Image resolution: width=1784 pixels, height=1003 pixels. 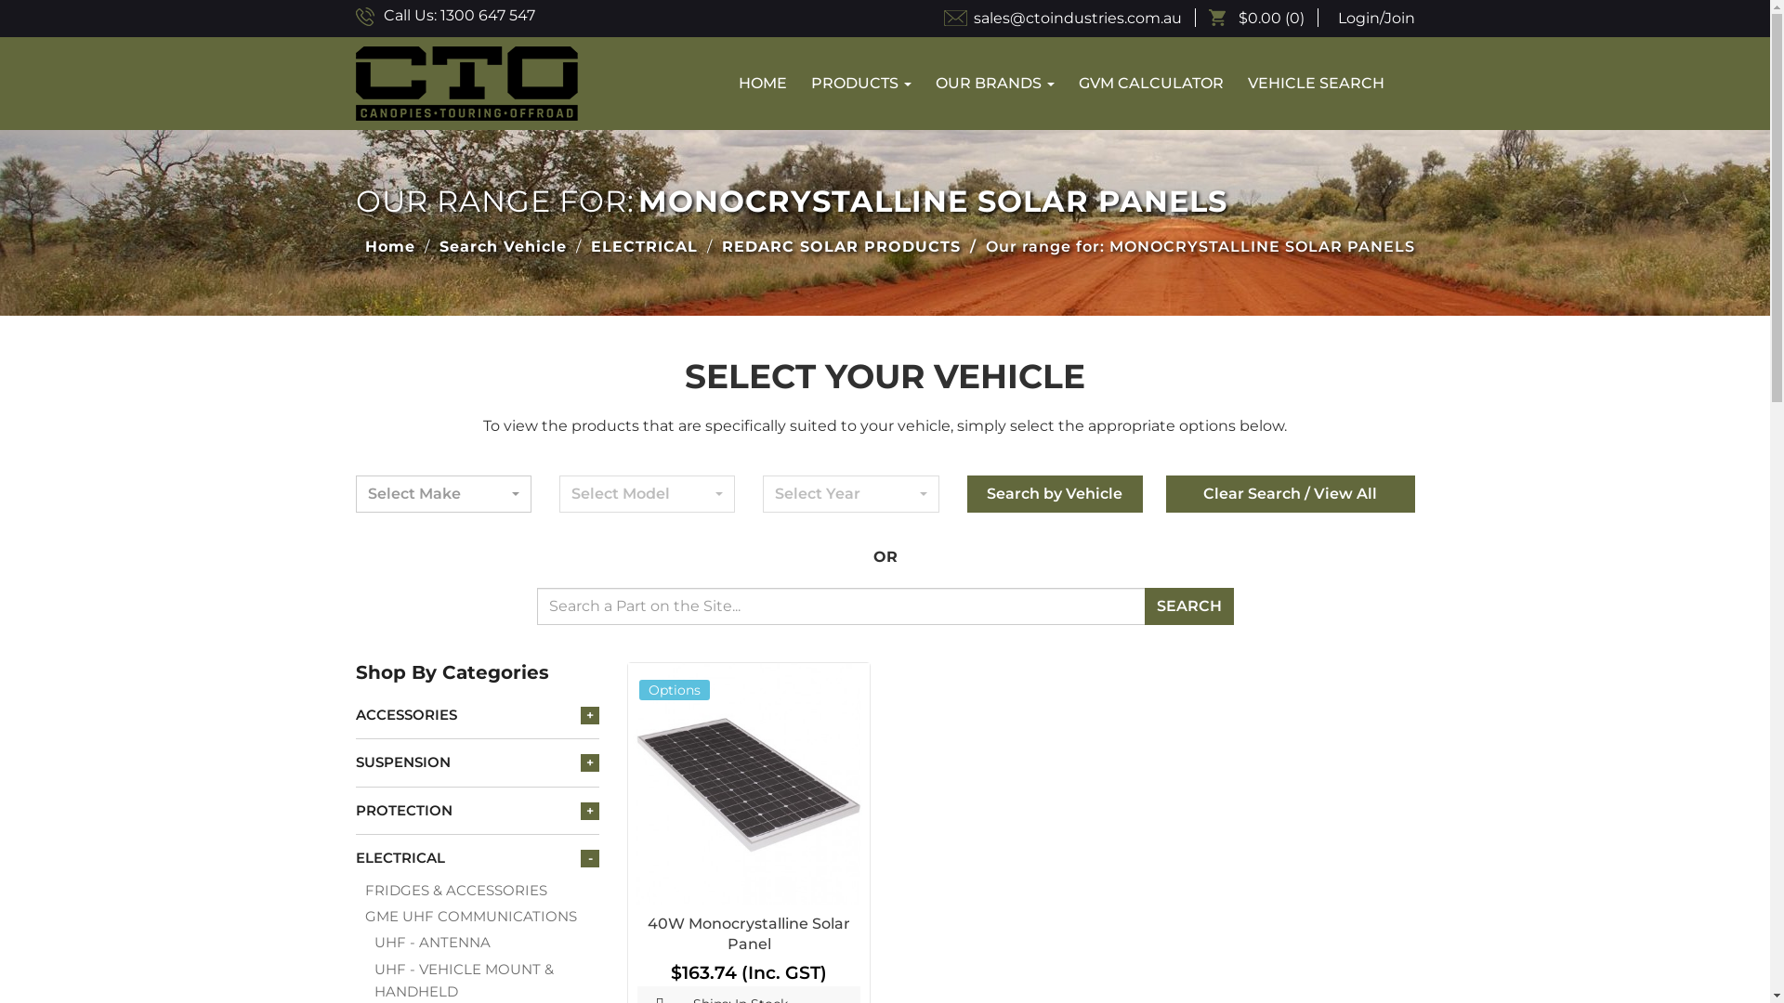 What do you see at coordinates (481, 890) in the screenshot?
I see `'FRIDGES & ACCESSORIES'` at bounding box center [481, 890].